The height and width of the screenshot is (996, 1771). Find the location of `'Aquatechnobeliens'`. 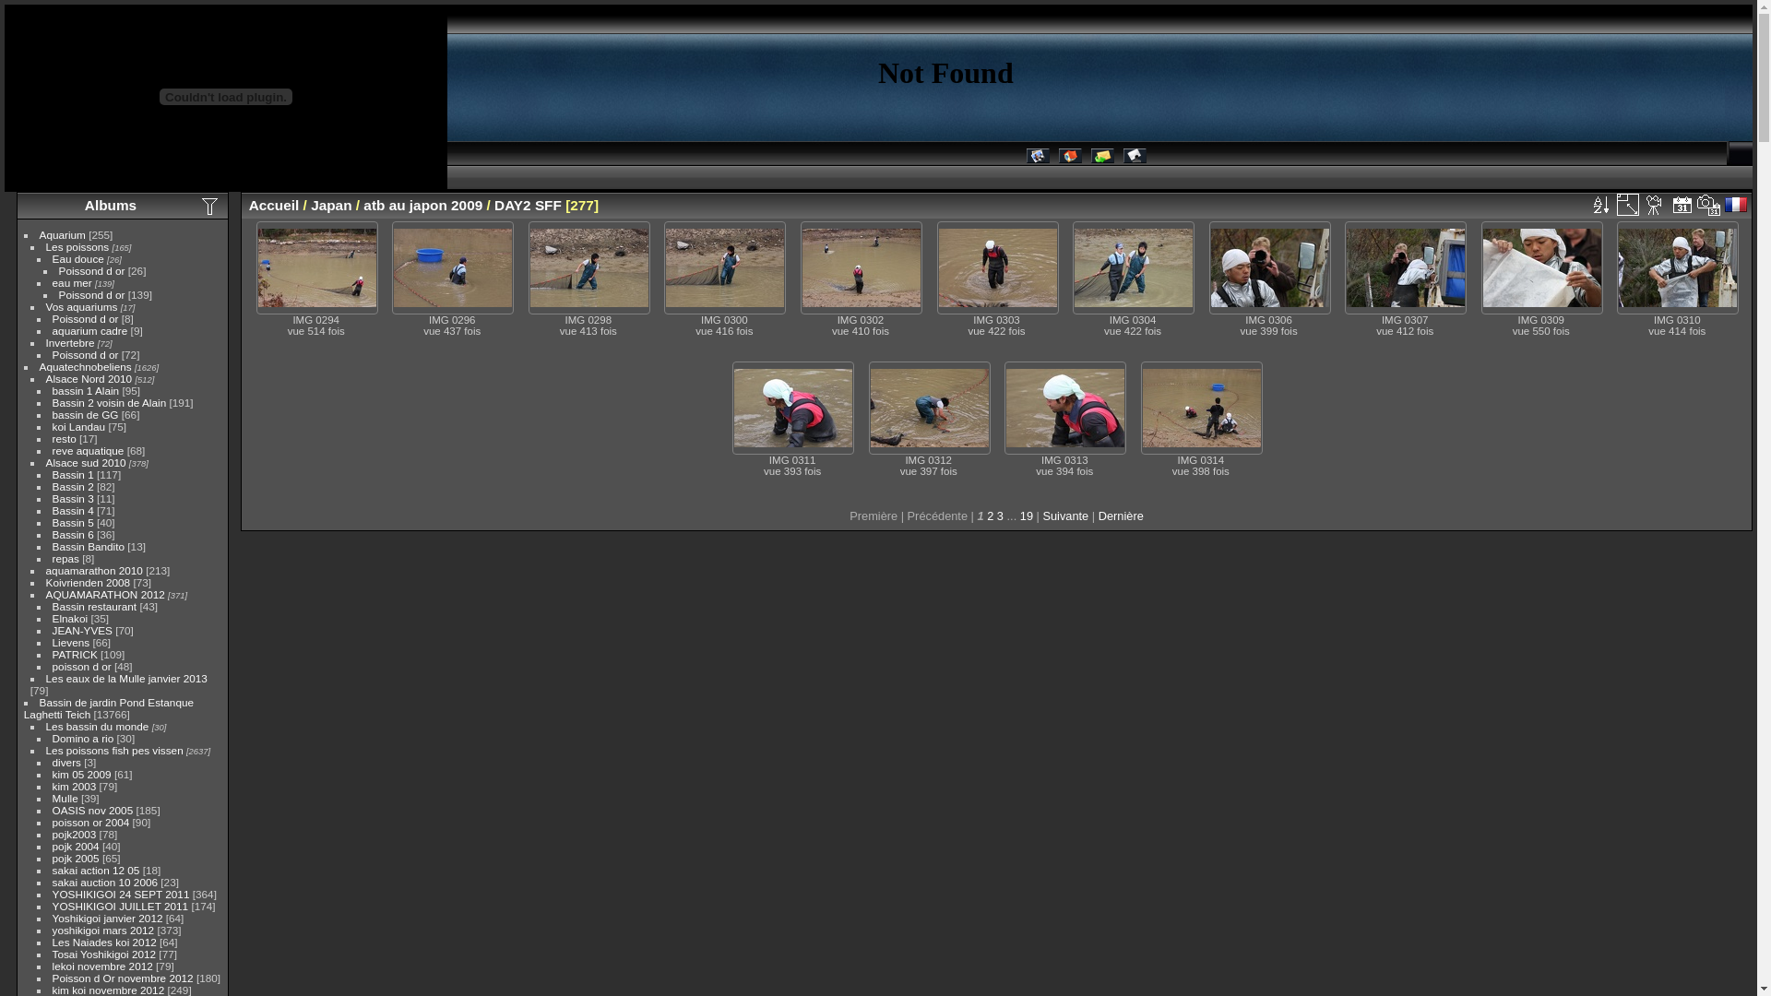

'Aquatechnobeliens' is located at coordinates (84, 366).